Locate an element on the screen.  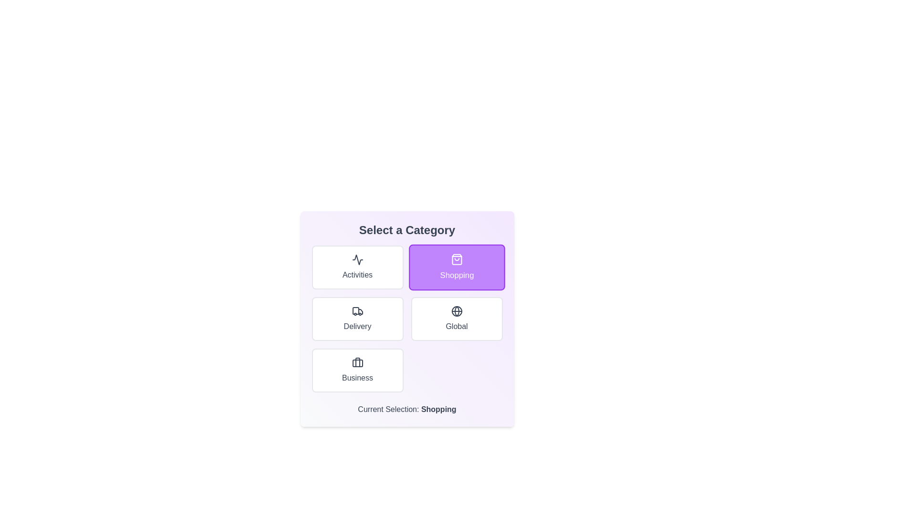
the button corresponding to the category Activities is located at coordinates (357, 267).